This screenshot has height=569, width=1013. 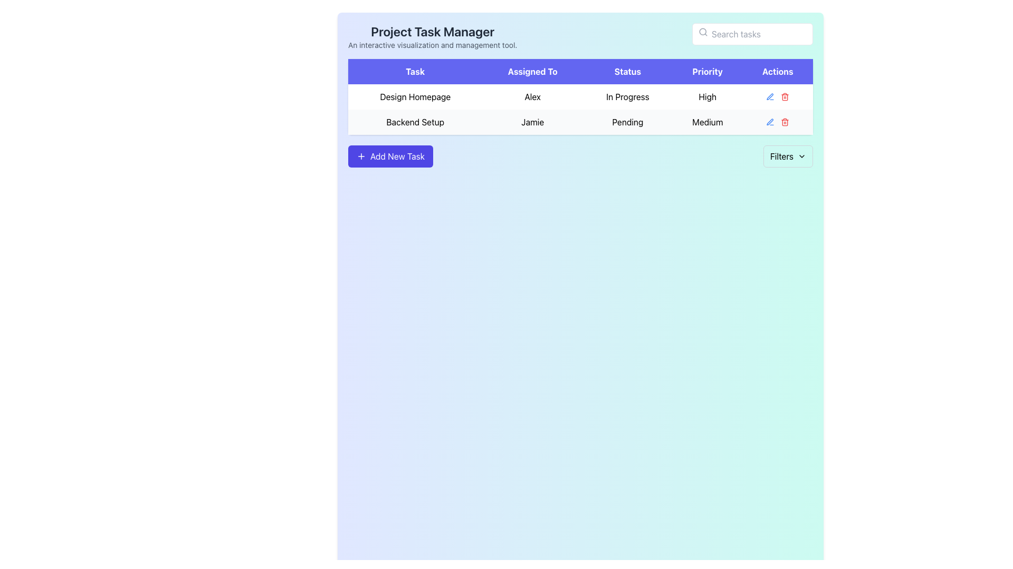 What do you see at coordinates (788, 156) in the screenshot?
I see `the 'Filters' button` at bounding box center [788, 156].